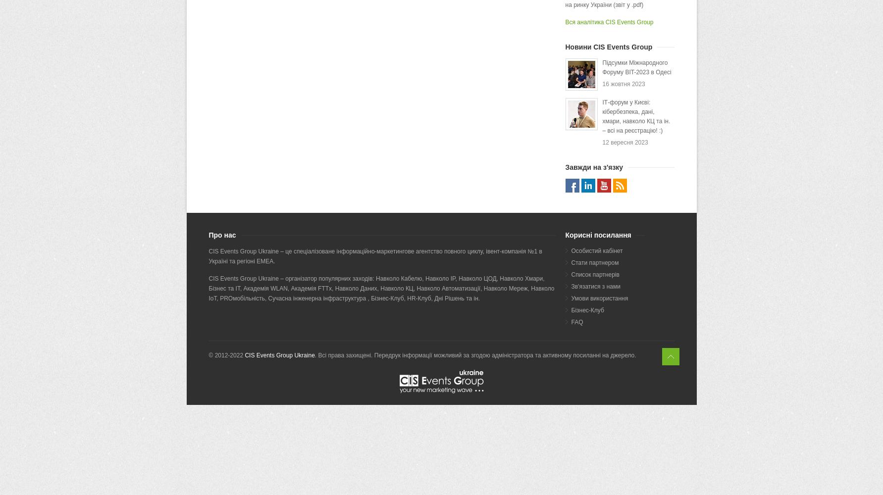 The image size is (883, 495). What do you see at coordinates (625, 143) in the screenshot?
I see `'12 вересня 2023'` at bounding box center [625, 143].